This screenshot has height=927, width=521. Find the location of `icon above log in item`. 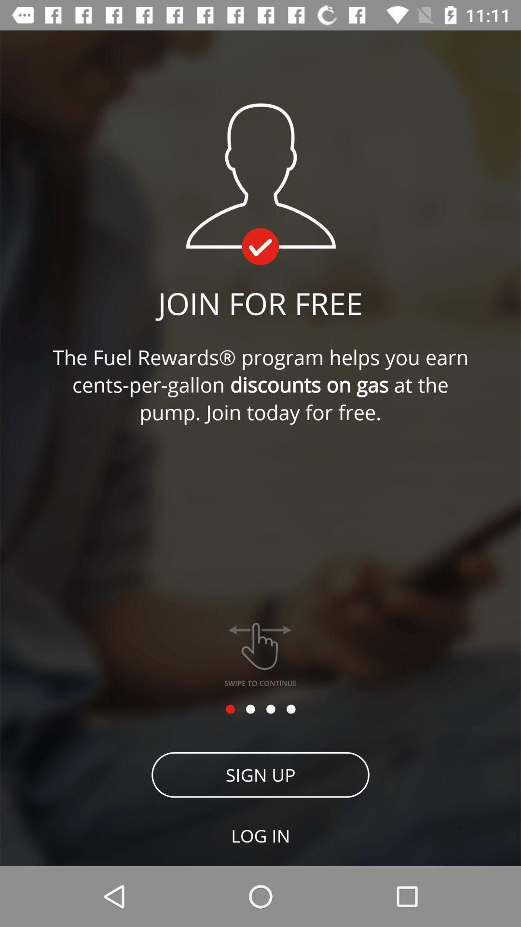

icon above log in item is located at coordinates (260, 774).